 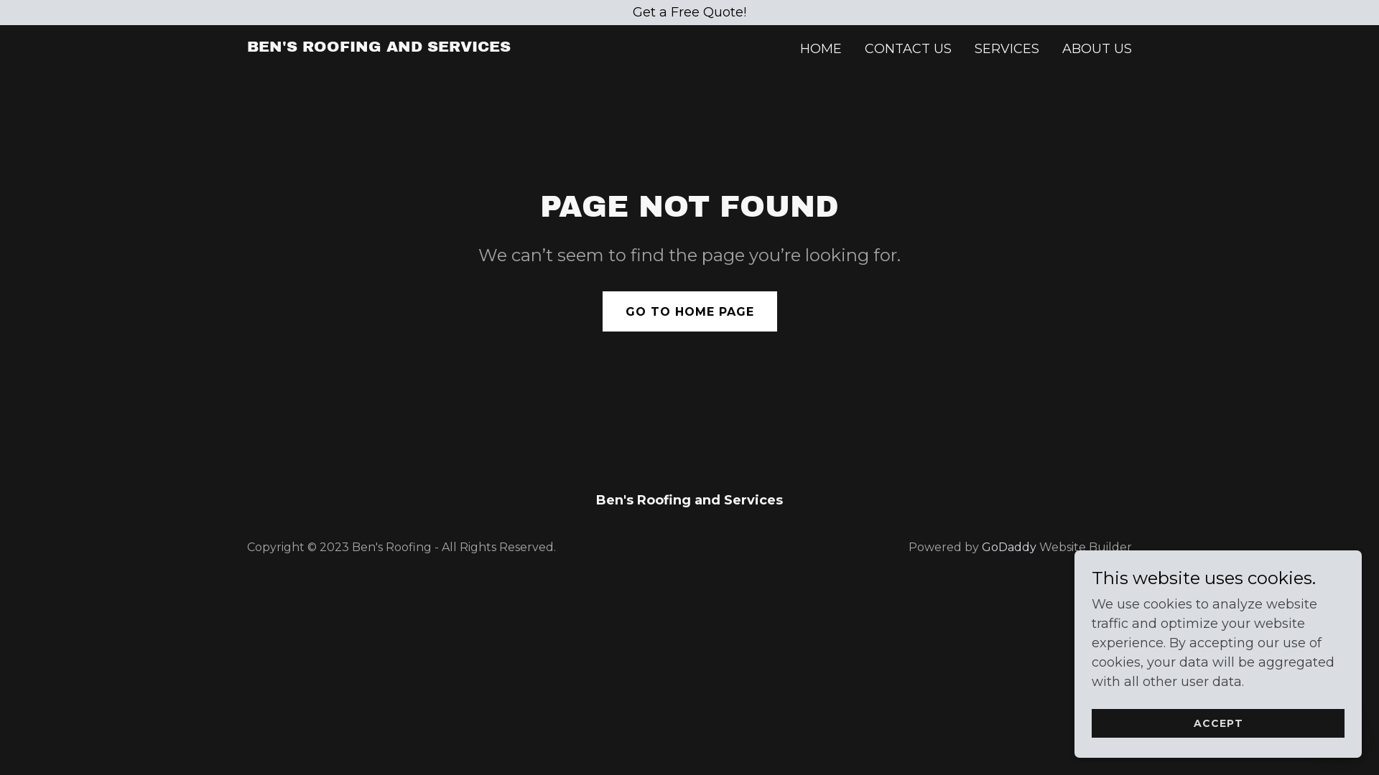 What do you see at coordinates (379, 46) in the screenshot?
I see `'BEN'S ROOFING AND SERVICES'` at bounding box center [379, 46].